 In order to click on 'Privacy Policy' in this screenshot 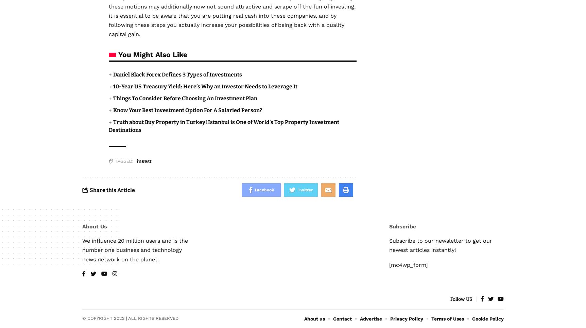, I will do `click(407, 318)`.